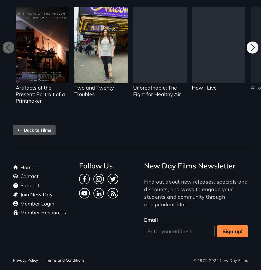 Image resolution: width=261 pixels, height=270 pixels. What do you see at coordinates (29, 185) in the screenshot?
I see `'Support'` at bounding box center [29, 185].